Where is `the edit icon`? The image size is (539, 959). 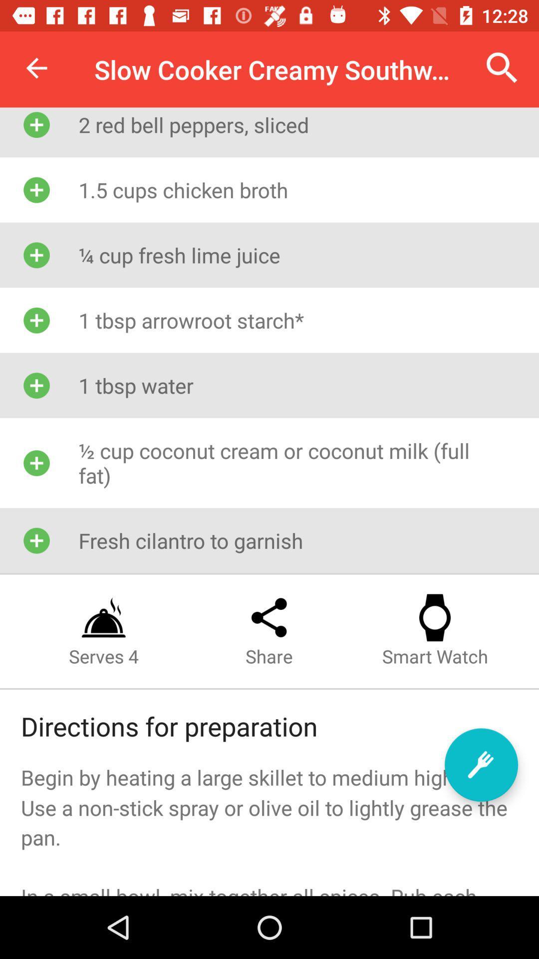
the edit icon is located at coordinates (481, 764).